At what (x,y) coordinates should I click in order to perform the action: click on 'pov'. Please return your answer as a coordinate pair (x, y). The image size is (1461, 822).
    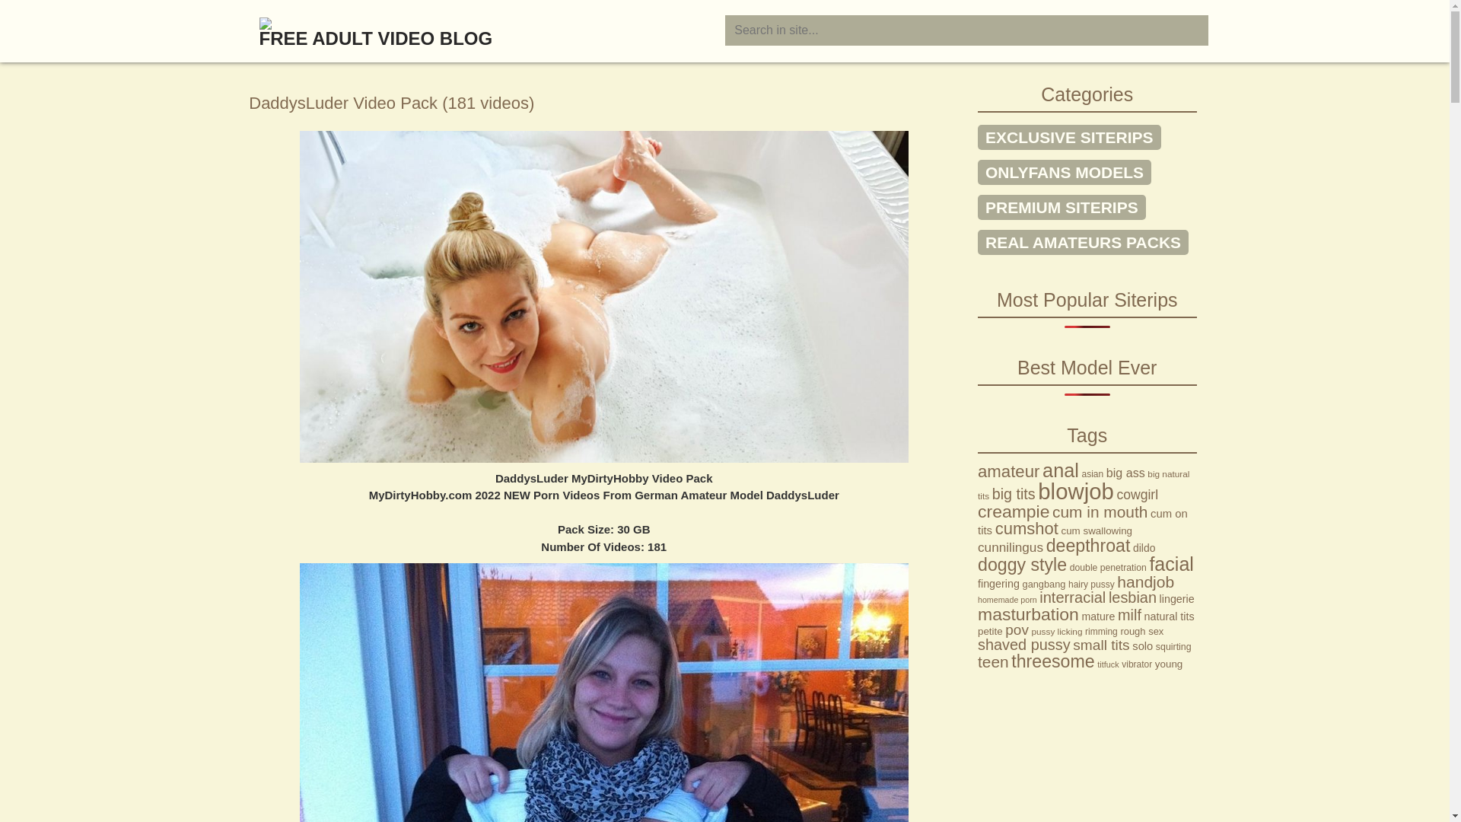
    Looking at the image, I should click on (1017, 629).